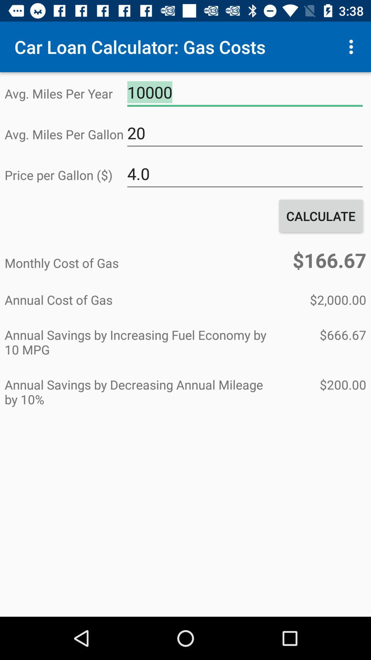  What do you see at coordinates (245, 133) in the screenshot?
I see `the icon next to the avg miles per item` at bounding box center [245, 133].